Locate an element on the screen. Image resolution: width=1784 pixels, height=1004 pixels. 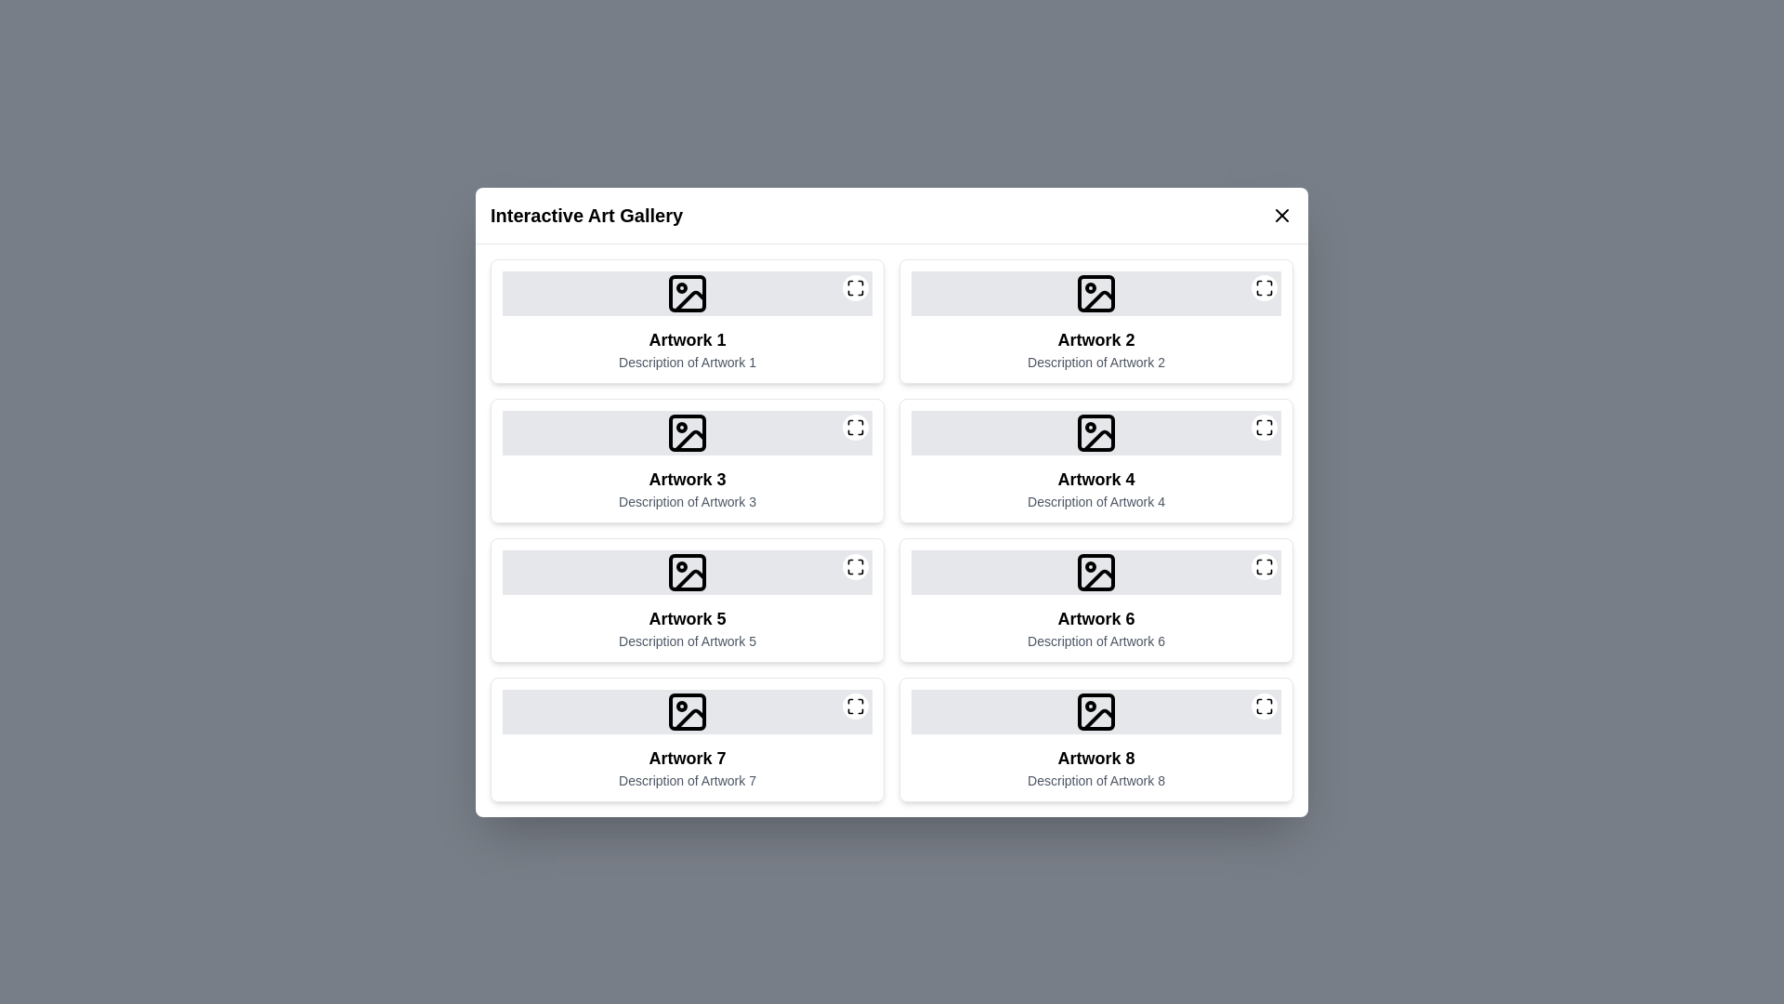
the close button at the top-right corner of the dialog is located at coordinates (1281, 214).